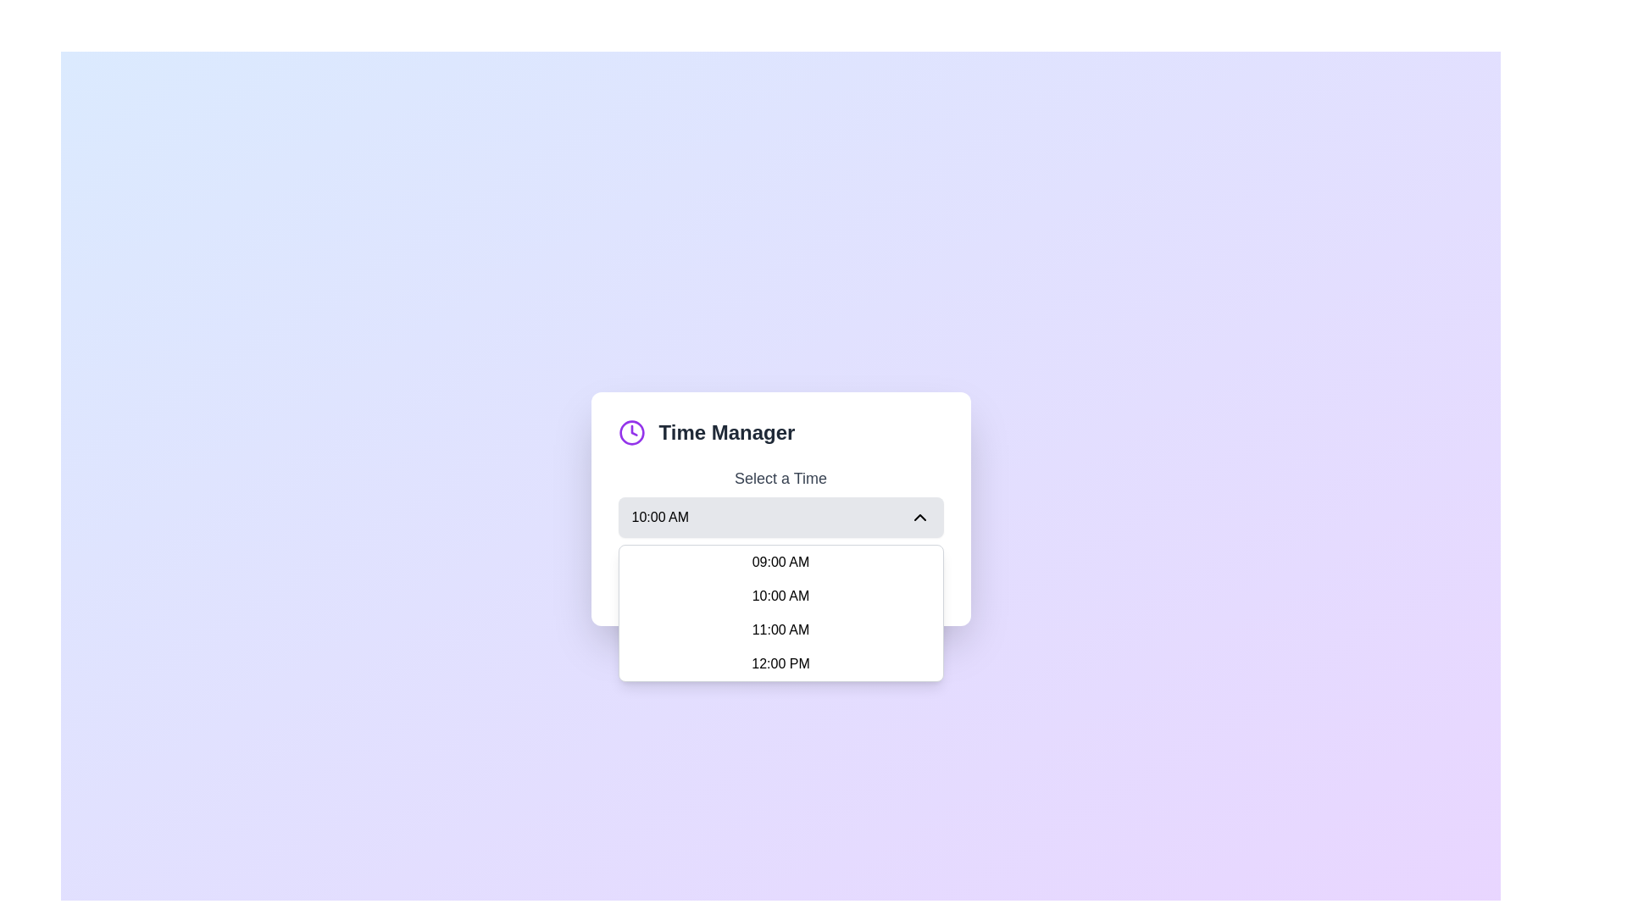  Describe the element at coordinates (919, 516) in the screenshot. I see `the Chevron Up icon located at the far-right side of the input box displaying '10:00 AM'` at that location.